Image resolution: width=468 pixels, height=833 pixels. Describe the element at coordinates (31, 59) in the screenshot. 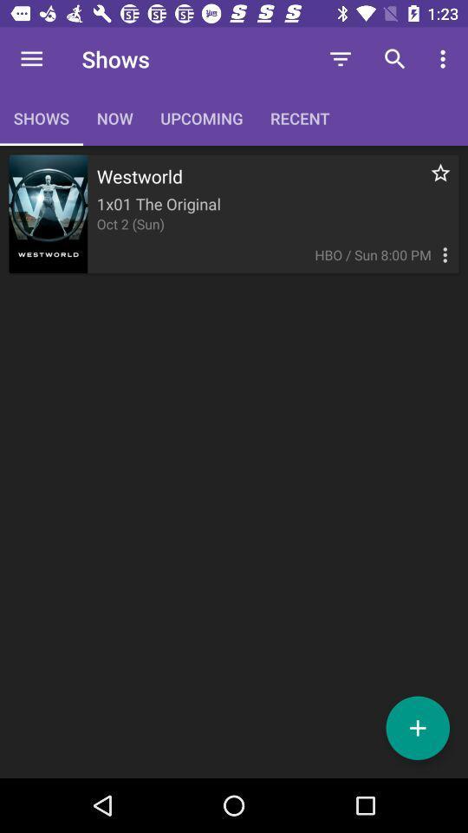

I see `the icon to the left of shows` at that location.